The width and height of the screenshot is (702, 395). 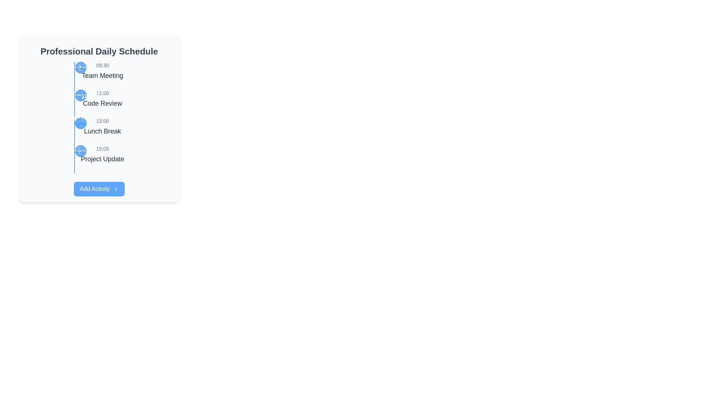 I want to click on text label displaying 'Lunch Break', which is bold, larger in size and black in color, located centrally in the 'Professional Daily Schedule' panel, directly below the '13:00' time element, so click(x=102, y=131).